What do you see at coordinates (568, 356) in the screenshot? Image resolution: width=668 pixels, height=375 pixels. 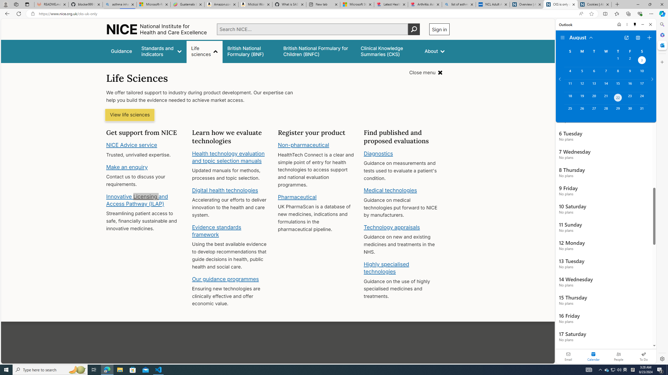 I see `'Email'` at bounding box center [568, 356].